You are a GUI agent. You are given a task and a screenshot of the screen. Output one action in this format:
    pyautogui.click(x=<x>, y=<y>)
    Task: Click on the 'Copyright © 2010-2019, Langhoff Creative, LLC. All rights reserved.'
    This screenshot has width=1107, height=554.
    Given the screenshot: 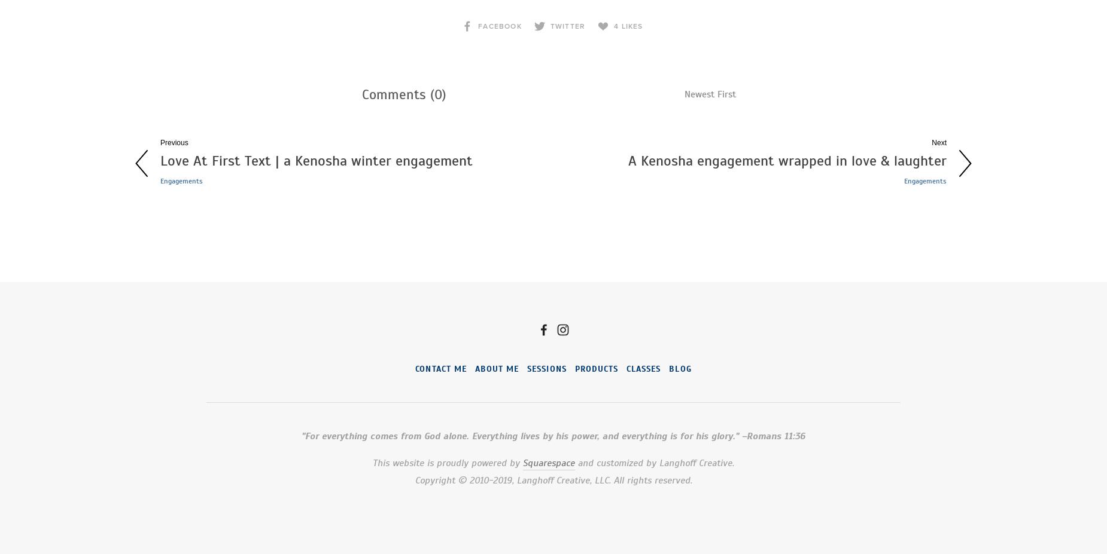 What is the action you would take?
    pyautogui.click(x=553, y=479)
    